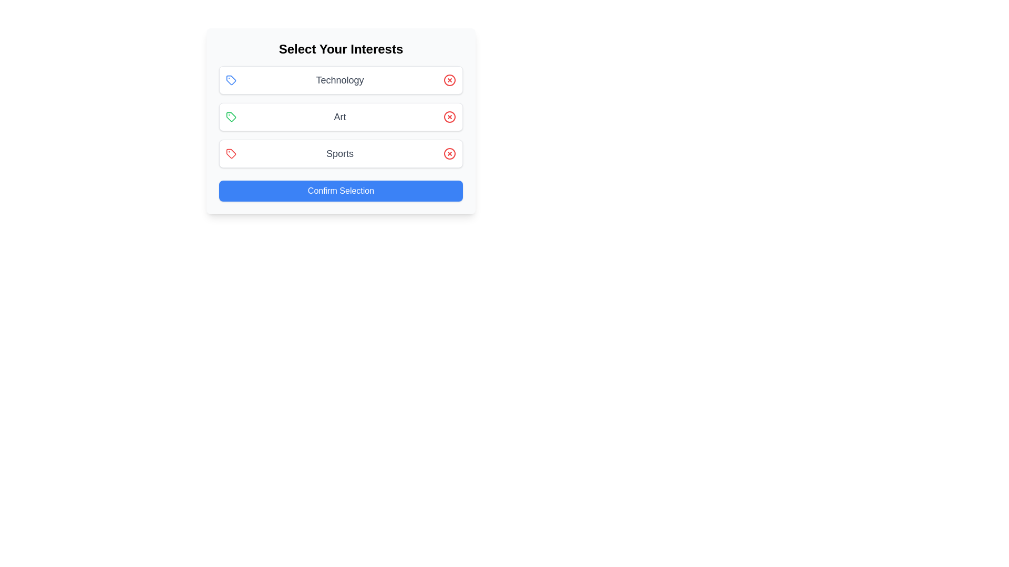 The image size is (1009, 567). What do you see at coordinates (449, 117) in the screenshot?
I see `close button for the interest labeled Art to remove it` at bounding box center [449, 117].